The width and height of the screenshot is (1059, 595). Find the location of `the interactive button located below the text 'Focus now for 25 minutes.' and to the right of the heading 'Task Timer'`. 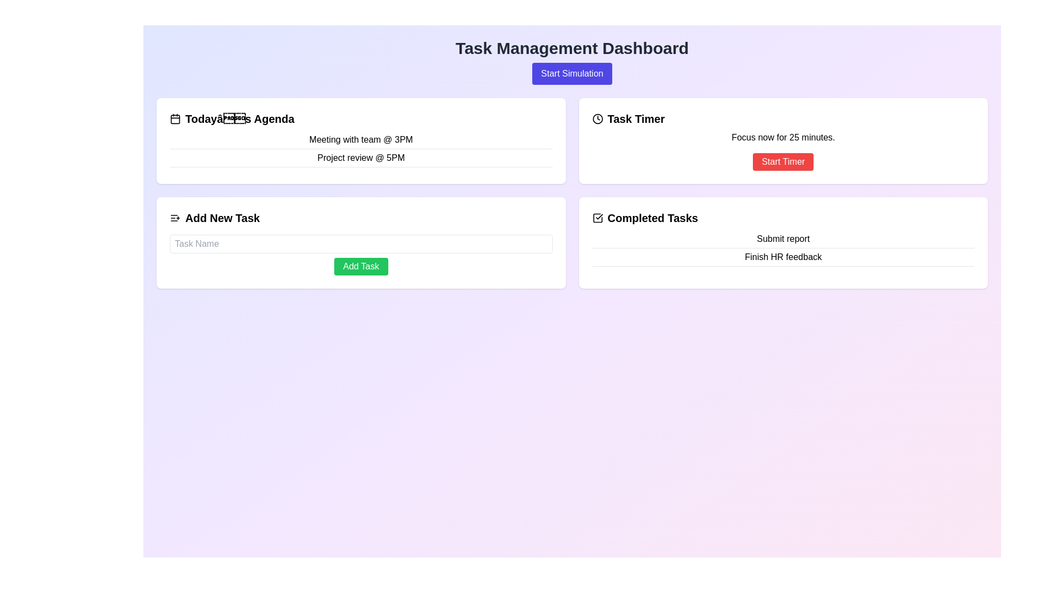

the interactive button located below the text 'Focus now for 25 minutes.' and to the right of the heading 'Task Timer' is located at coordinates (783, 161).